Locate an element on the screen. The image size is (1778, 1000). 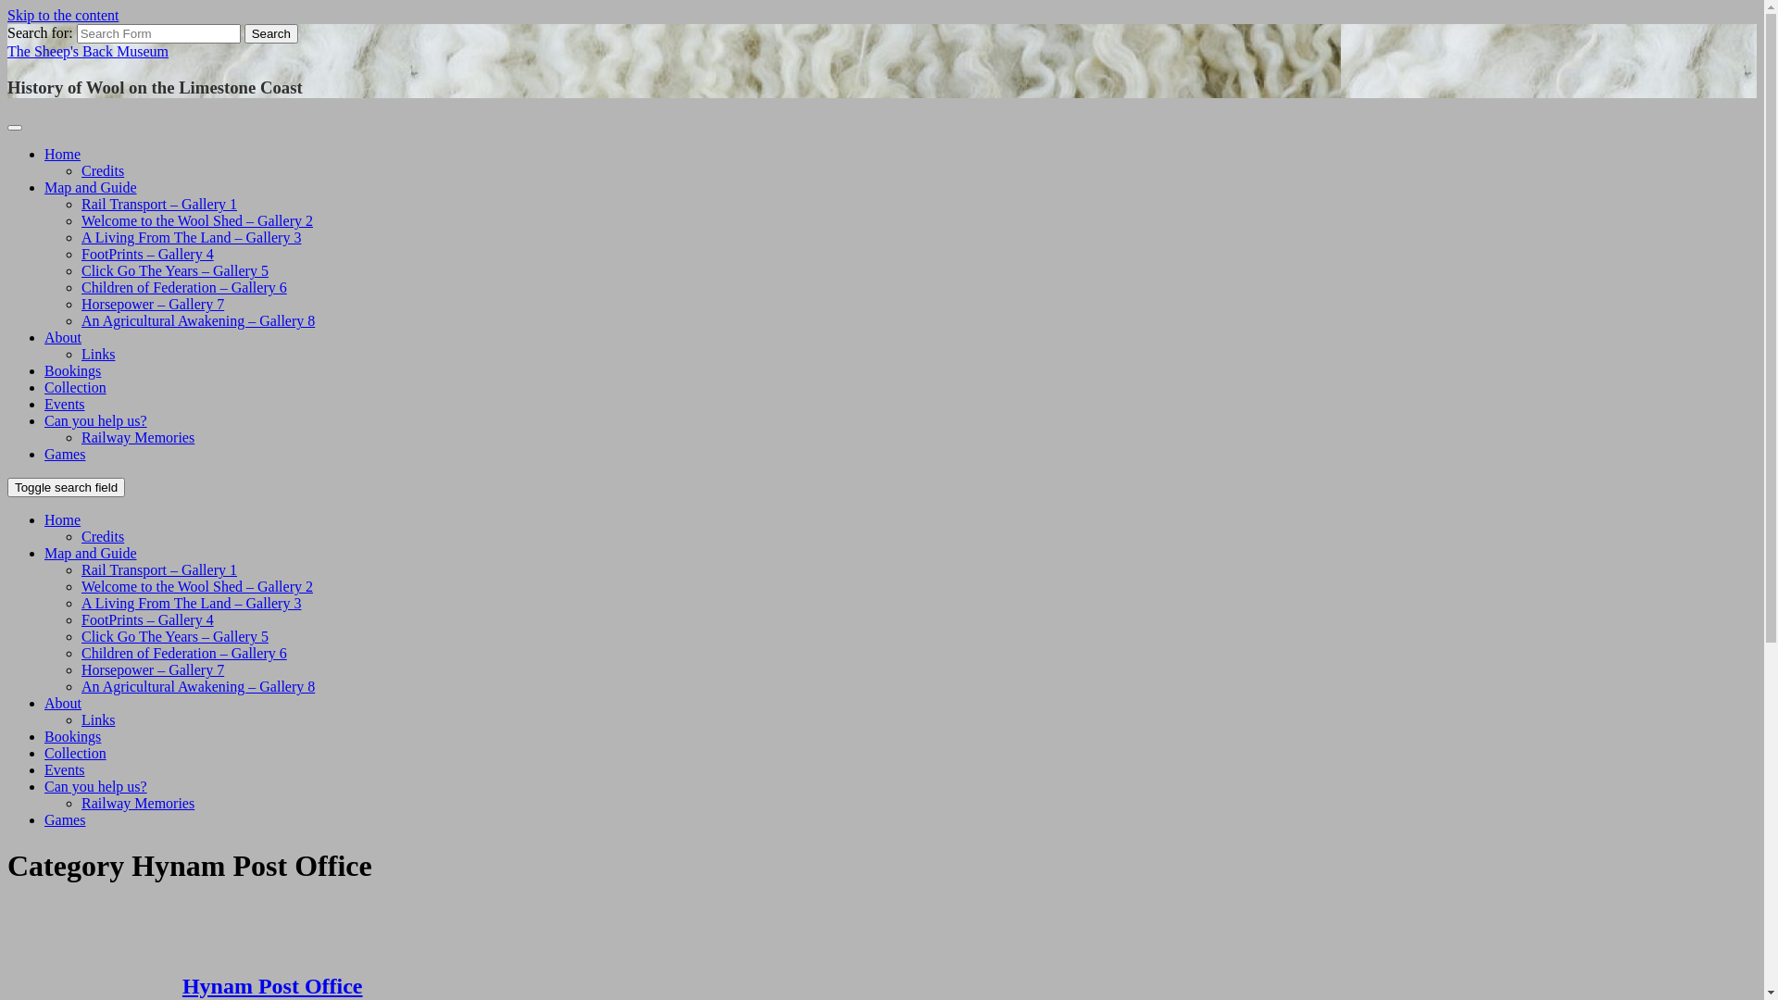
'Events' is located at coordinates (65, 403).